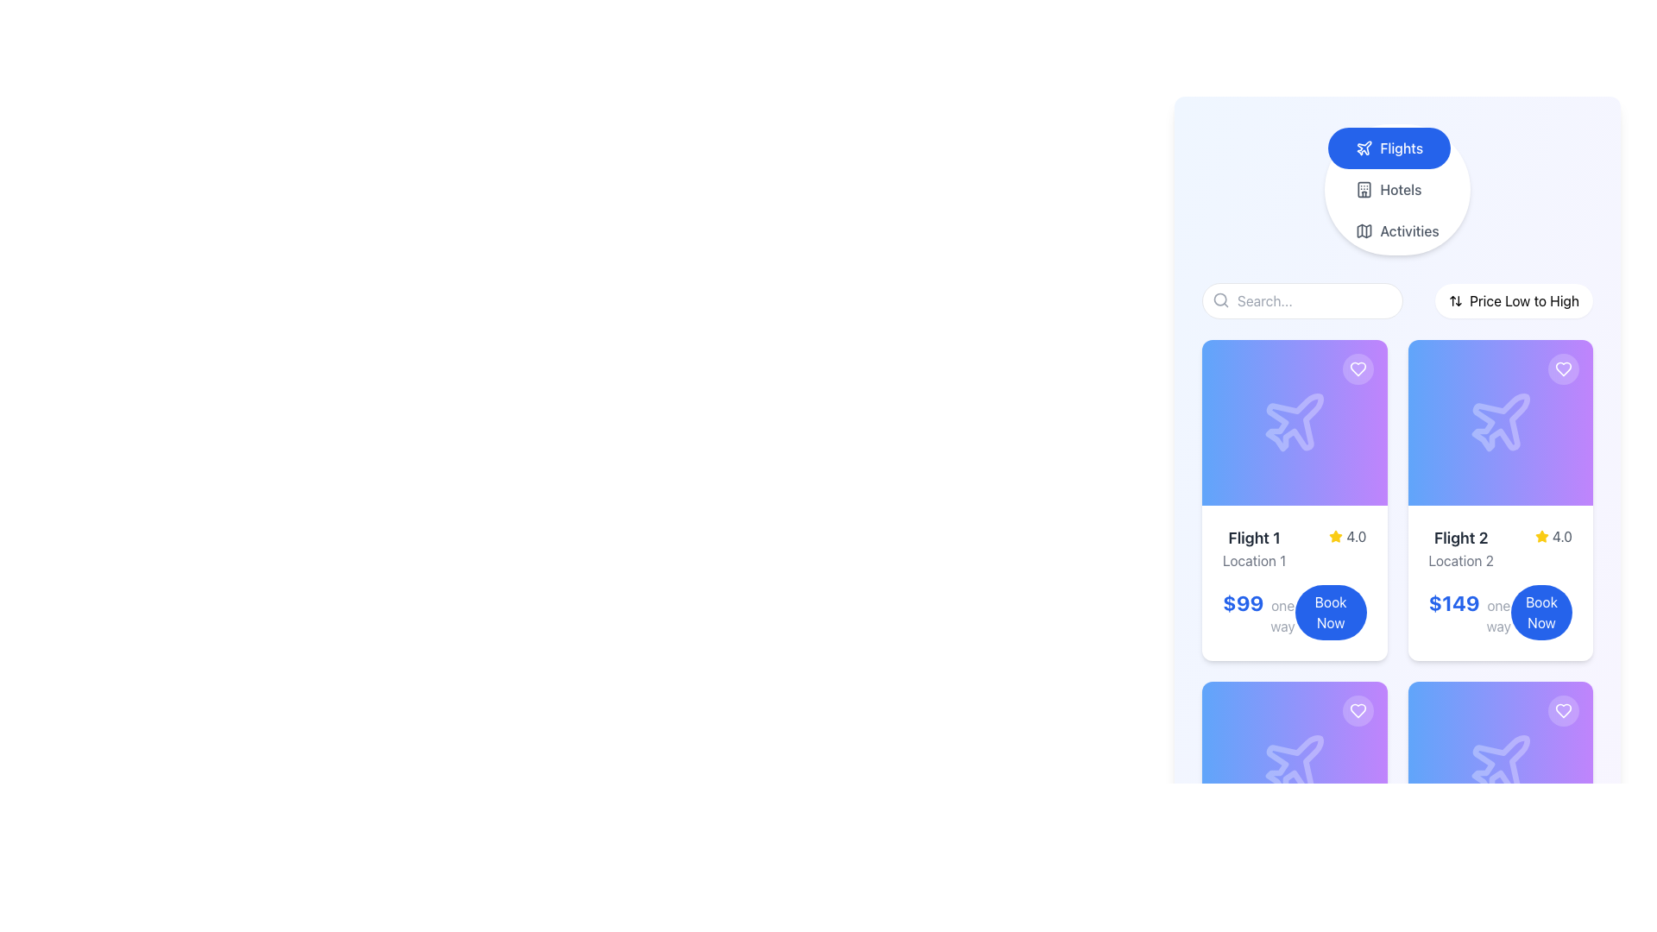 The image size is (1657, 932). Describe the element at coordinates (1499, 764) in the screenshot. I see `the flight-related theme icon, which is part of the last card in the second row of a 2x2 grid layout, positioned below the heart icon in the top-right corner` at that location.